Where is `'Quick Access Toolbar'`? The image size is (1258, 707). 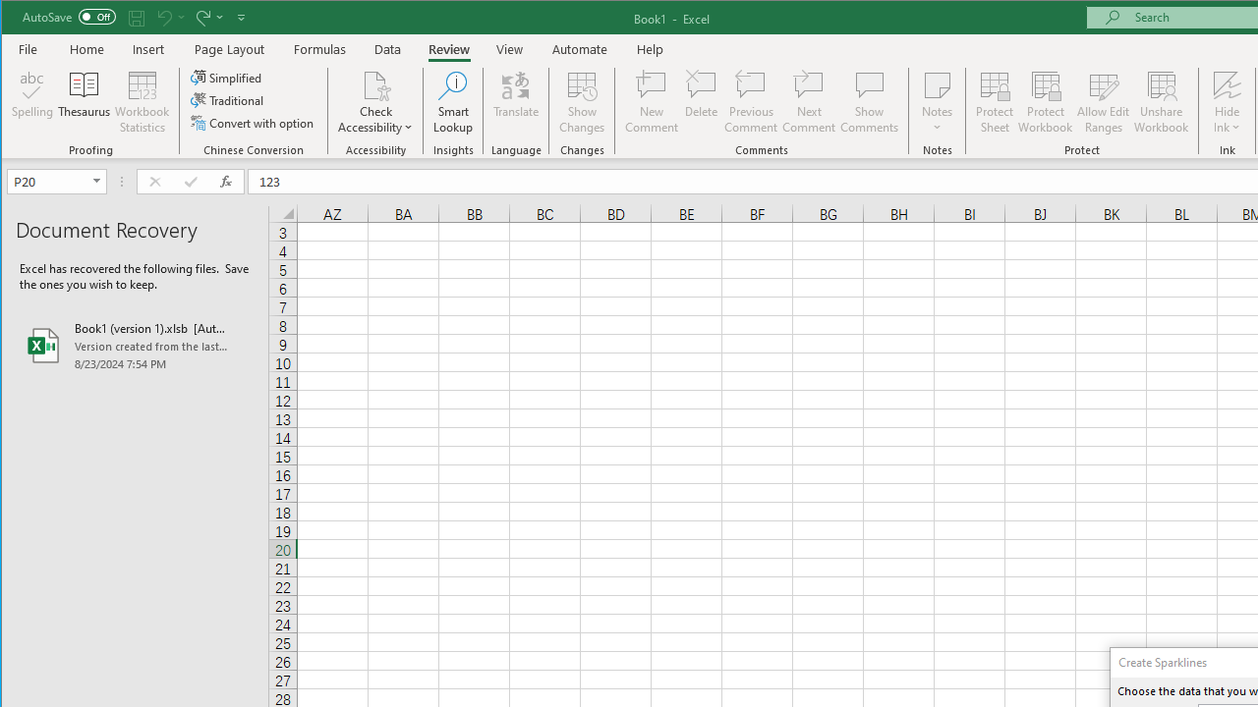
'Quick Access Toolbar' is located at coordinates (135, 18).